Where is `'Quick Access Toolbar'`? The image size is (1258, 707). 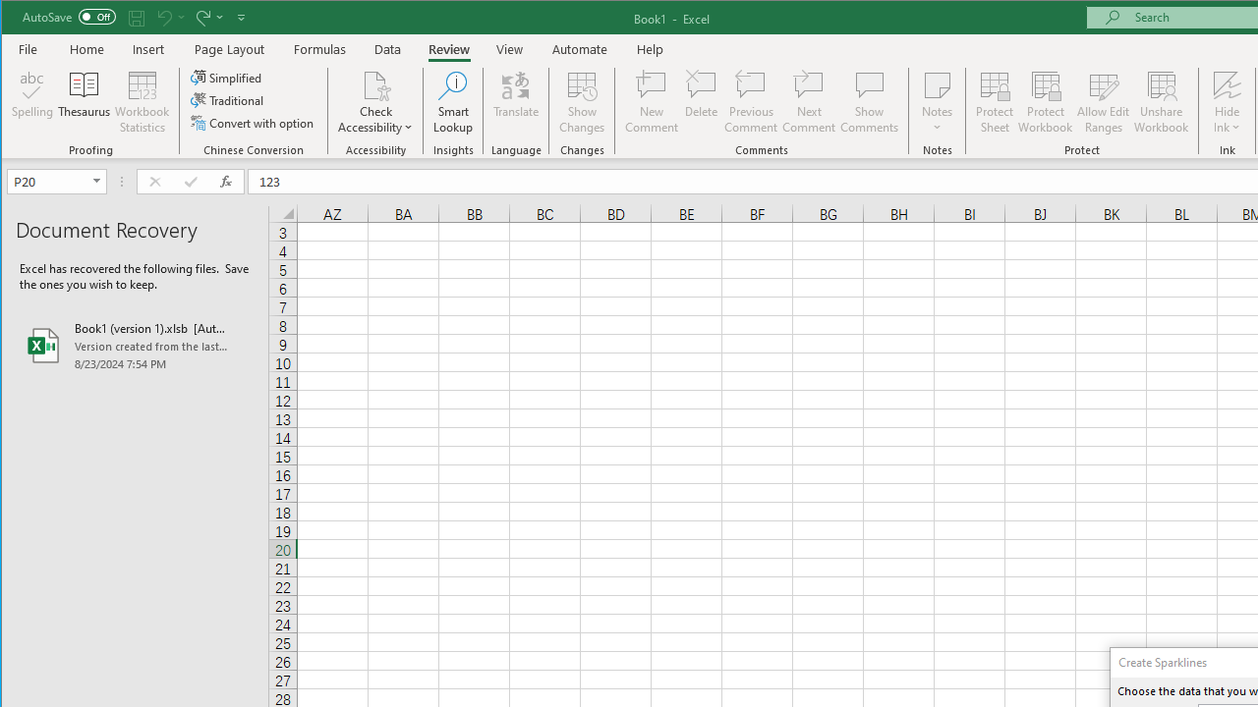
'Quick Access Toolbar' is located at coordinates (135, 18).